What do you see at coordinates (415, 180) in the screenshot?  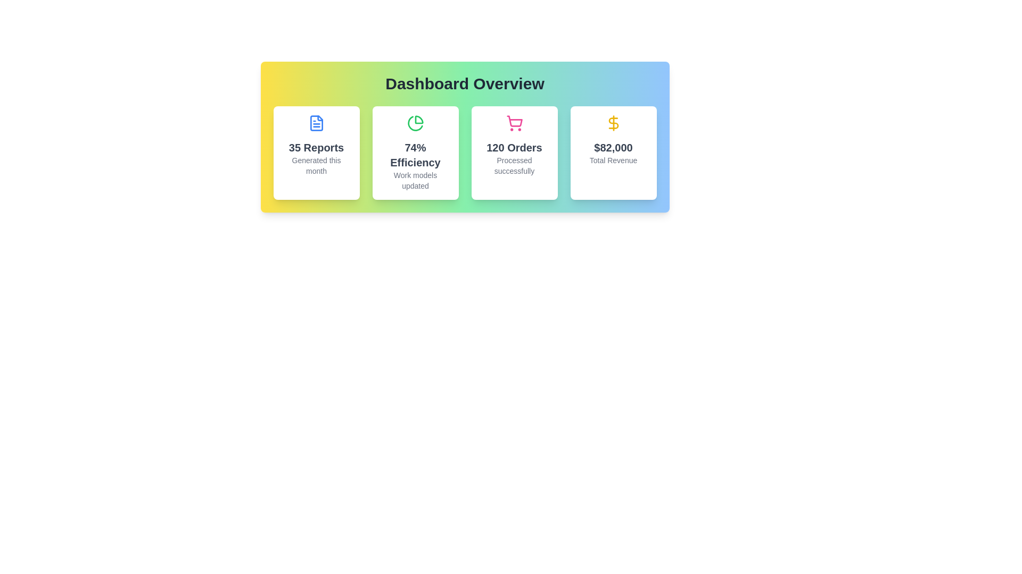 I see `the text element displaying 'Work models updated', which is located below the '74% Efficiency' text in the second card of a row of four cards` at bounding box center [415, 180].